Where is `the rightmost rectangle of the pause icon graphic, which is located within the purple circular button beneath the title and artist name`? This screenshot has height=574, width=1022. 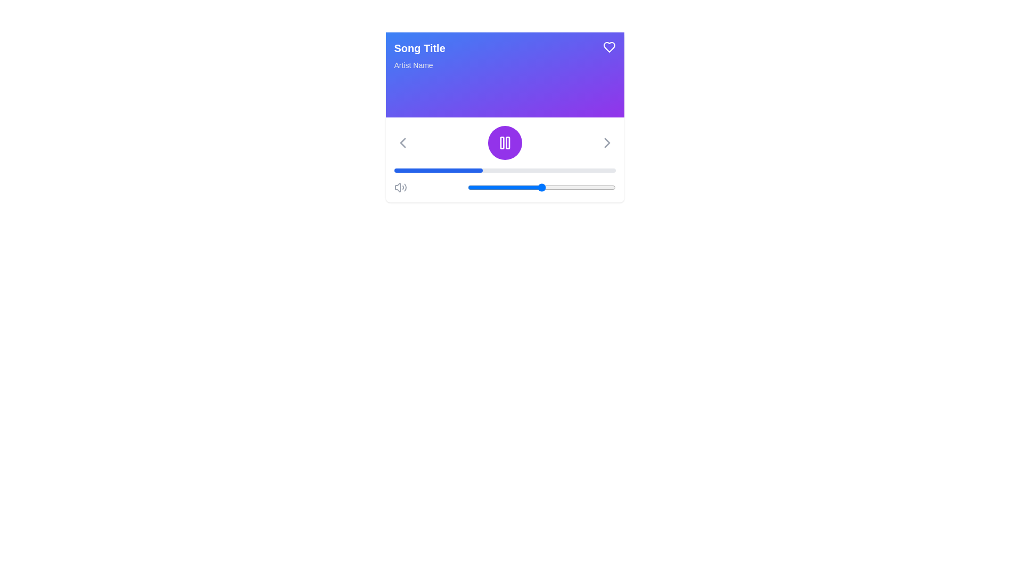 the rightmost rectangle of the pause icon graphic, which is located within the purple circular button beneath the title and artist name is located at coordinates (507, 142).